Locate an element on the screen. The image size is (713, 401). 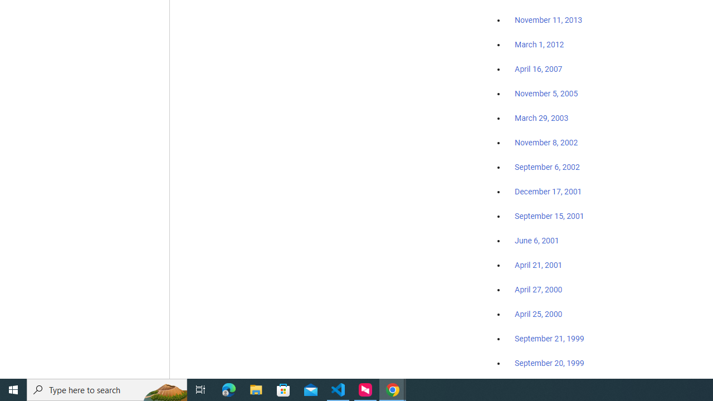
'April 21, 2001' is located at coordinates (539, 265).